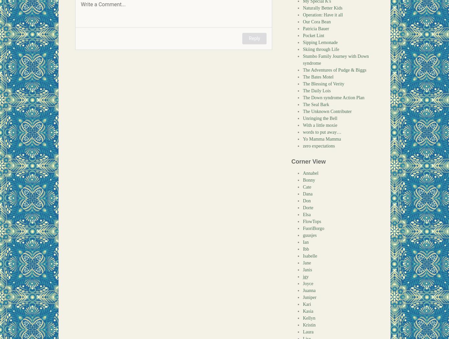  I want to click on 'Stumbo Family Journey with Down syndrome', so click(336, 59).